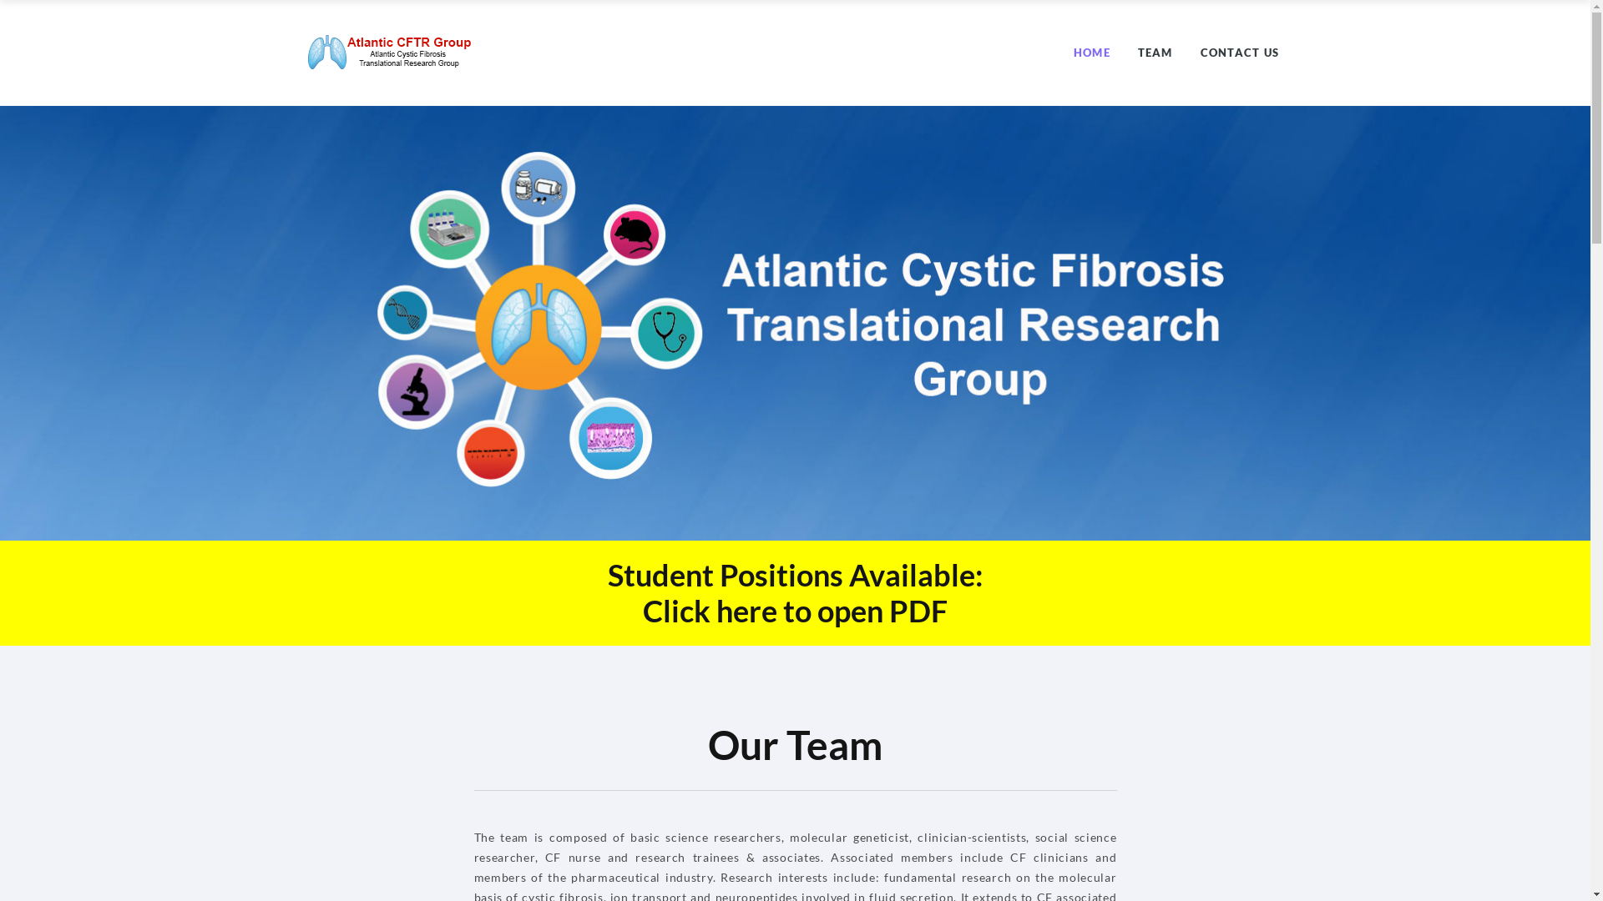  I want to click on 'CONTACT US', so click(1200, 51).